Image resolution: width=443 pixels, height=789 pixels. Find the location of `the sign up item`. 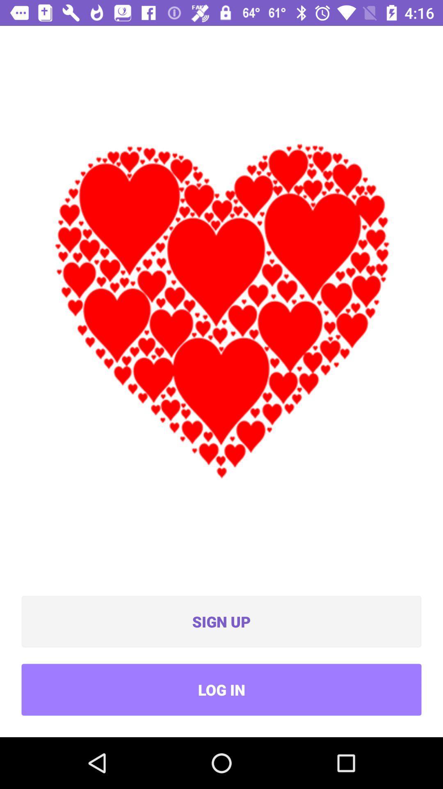

the sign up item is located at coordinates (221, 621).